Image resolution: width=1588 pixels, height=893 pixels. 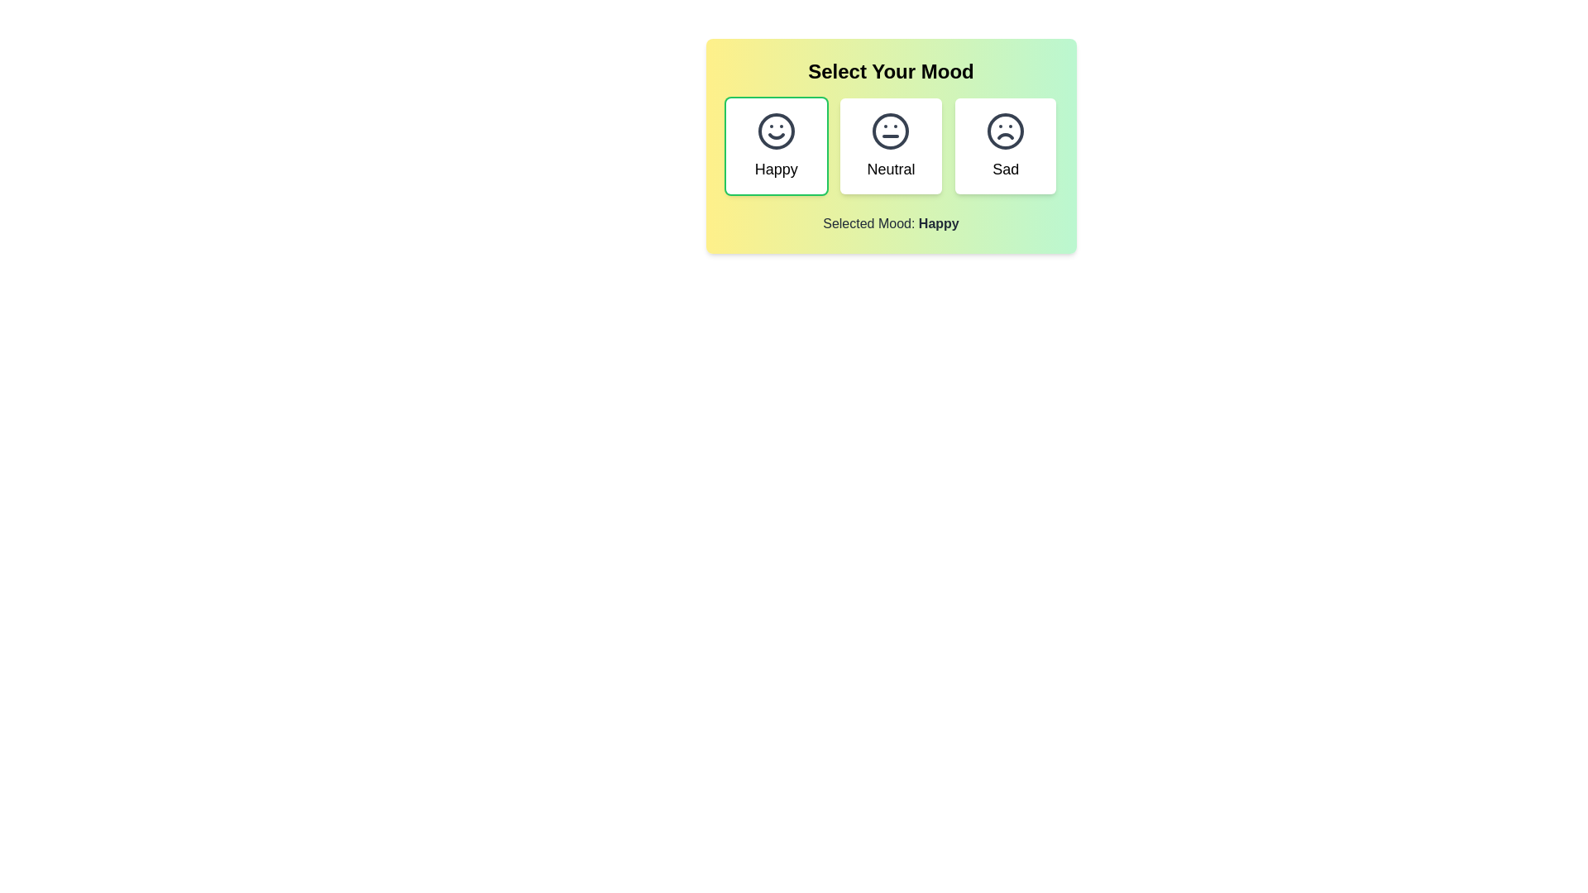 What do you see at coordinates (890, 169) in the screenshot?
I see `the 'Neutral' text label, which describes the central mood option in the three-item mood selection interface, located beneath the neutral facial expression icon` at bounding box center [890, 169].